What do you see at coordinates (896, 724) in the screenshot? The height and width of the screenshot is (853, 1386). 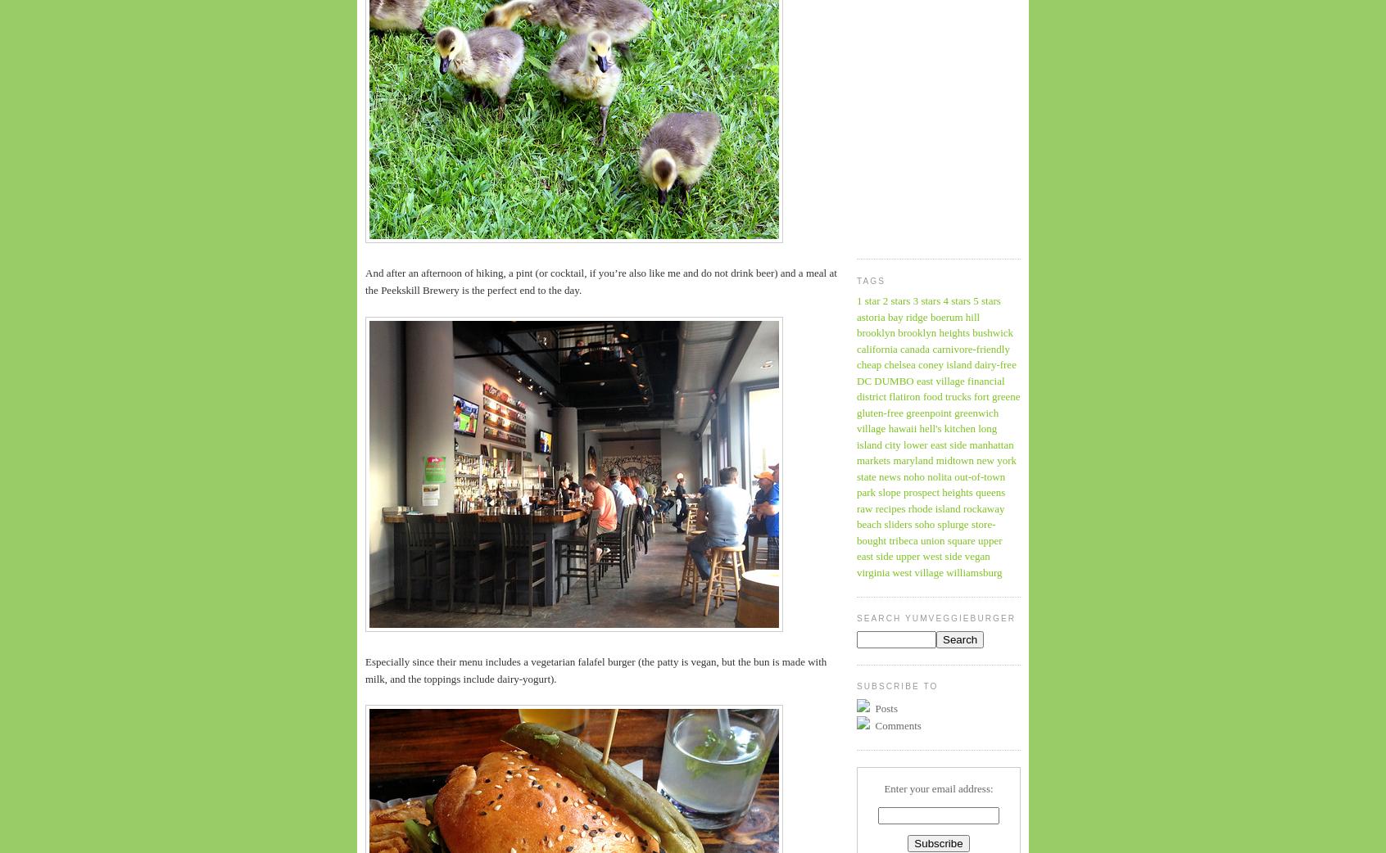 I see `'Comments'` at bounding box center [896, 724].